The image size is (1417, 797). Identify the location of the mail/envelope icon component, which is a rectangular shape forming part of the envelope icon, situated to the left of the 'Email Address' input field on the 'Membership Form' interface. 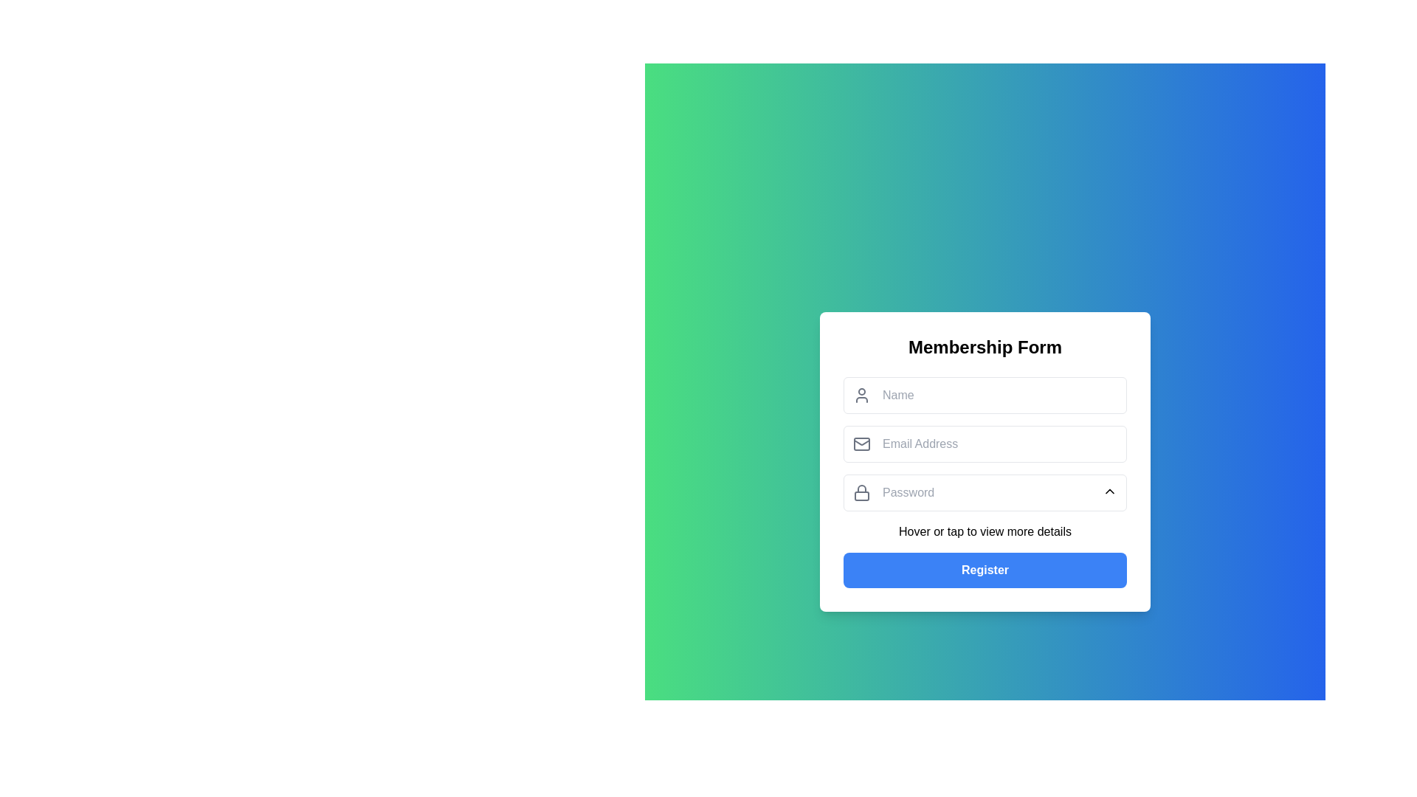
(861, 443).